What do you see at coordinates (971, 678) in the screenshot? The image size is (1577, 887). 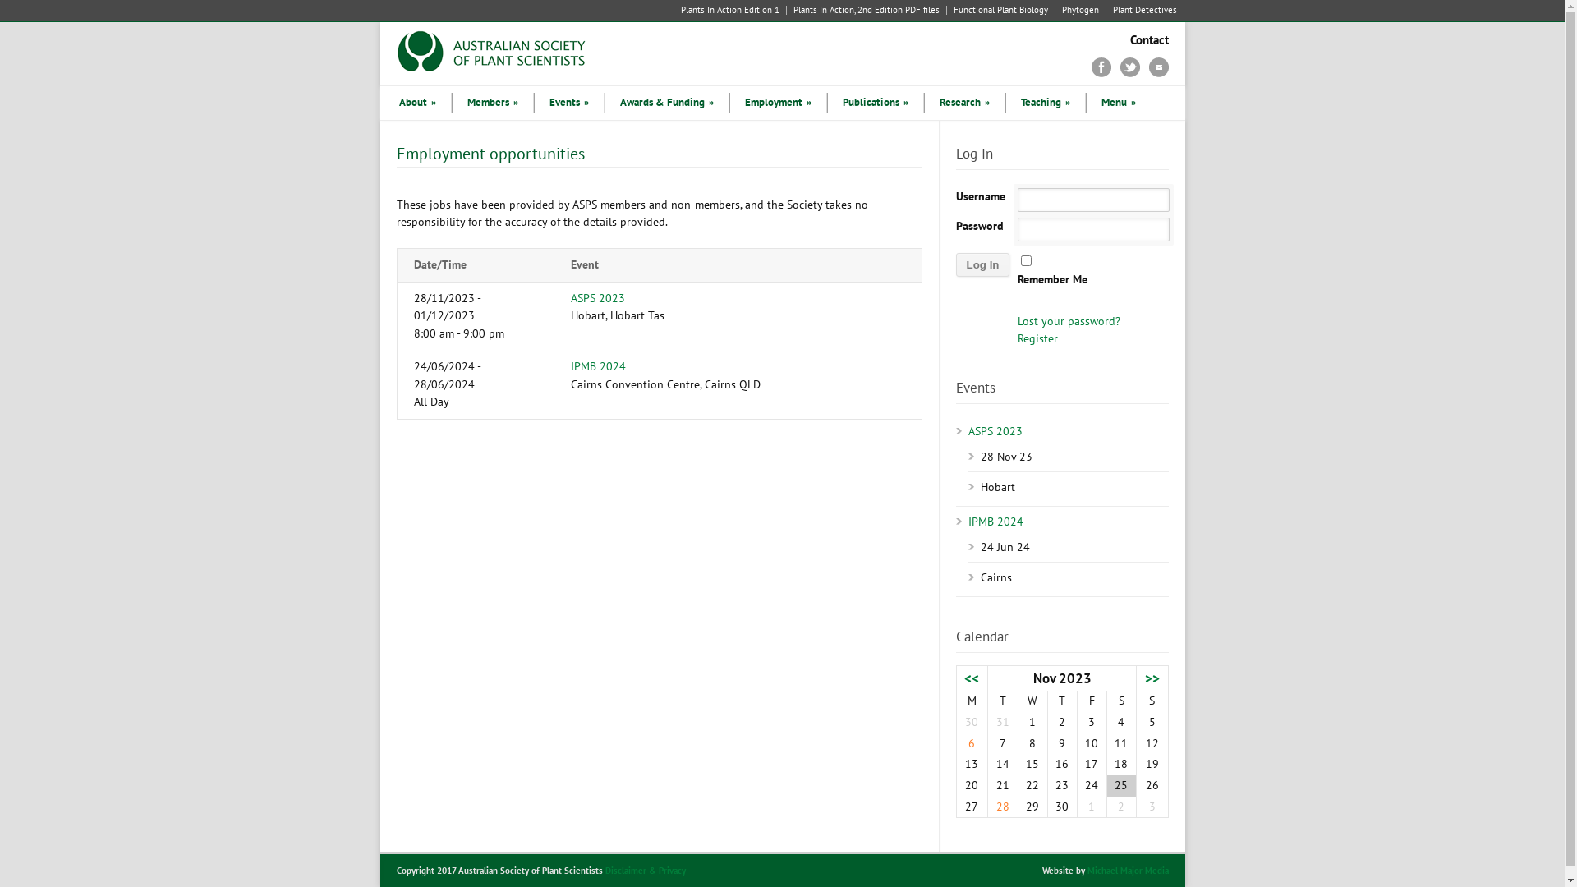 I see `'<<'` at bounding box center [971, 678].